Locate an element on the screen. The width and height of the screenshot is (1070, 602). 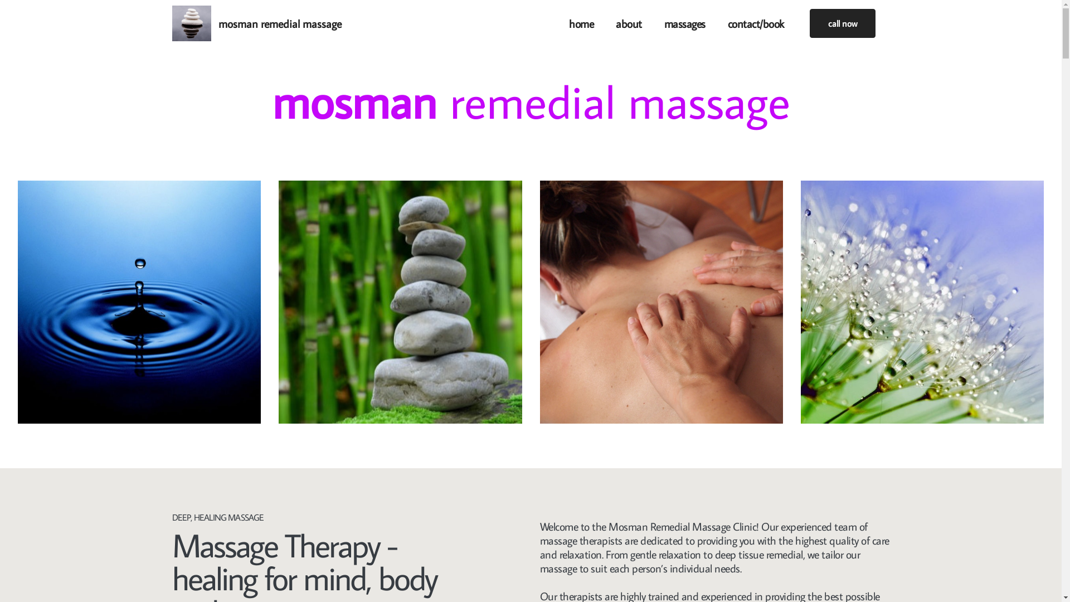
'call now' is located at coordinates (842, 23).